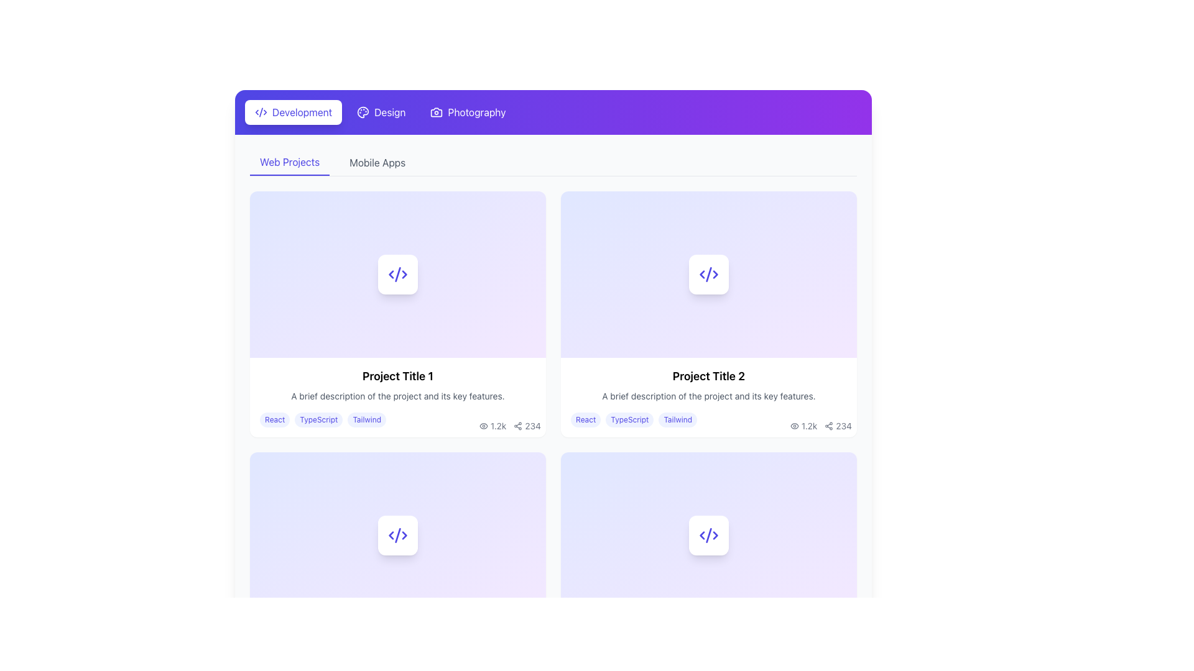  I want to click on the second tag in the group of technology labels, which is an informational label indicating the technology associated with 'Project Title 2', so click(629, 419).